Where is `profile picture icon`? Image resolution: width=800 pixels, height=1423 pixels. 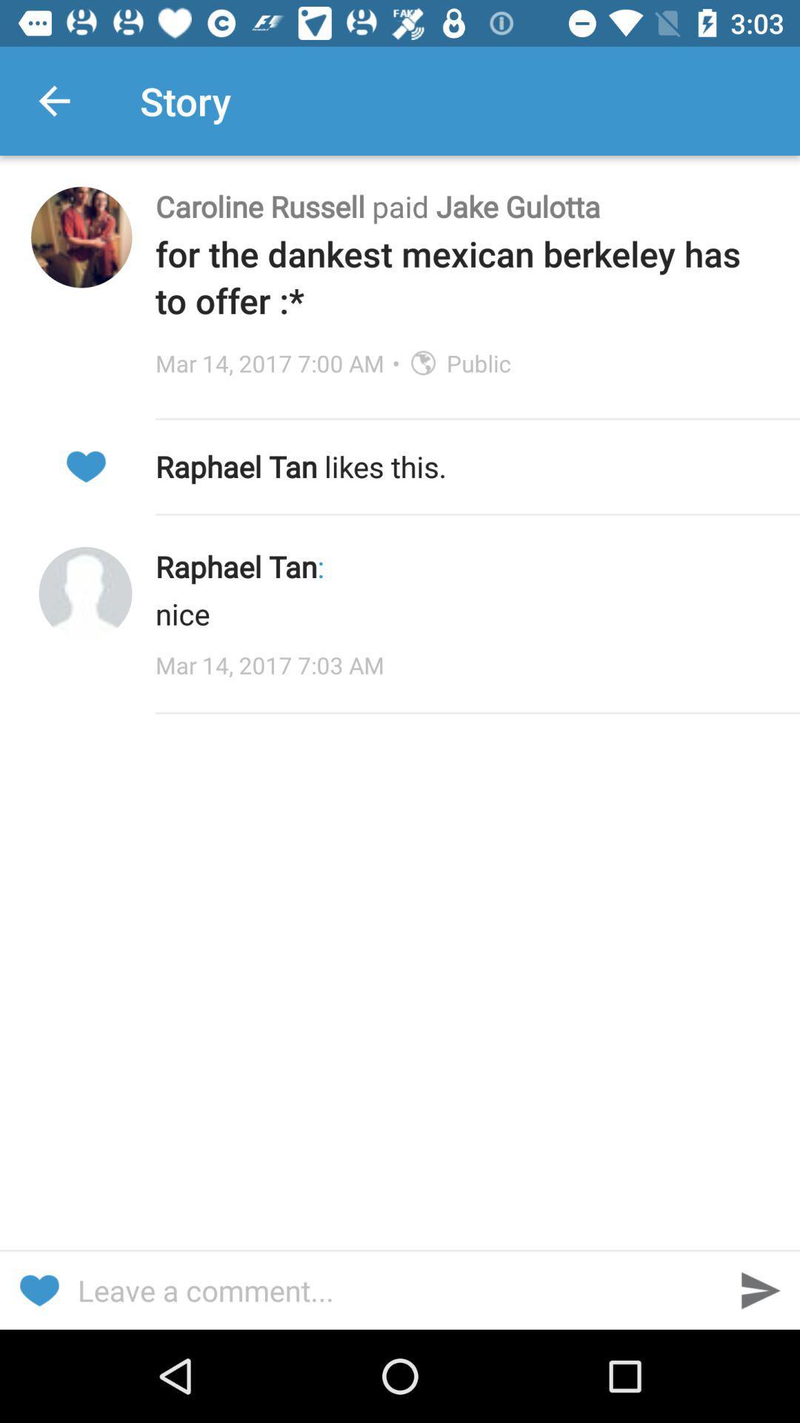 profile picture icon is located at coordinates (85, 594).